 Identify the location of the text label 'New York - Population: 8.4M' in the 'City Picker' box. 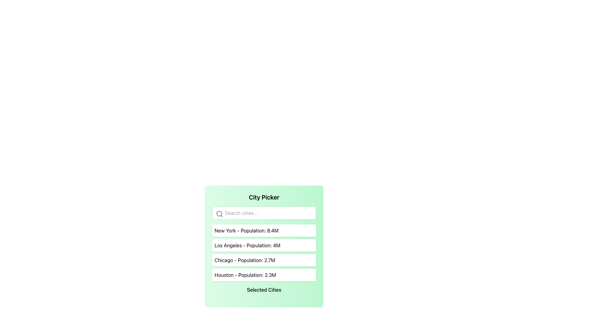
(246, 231).